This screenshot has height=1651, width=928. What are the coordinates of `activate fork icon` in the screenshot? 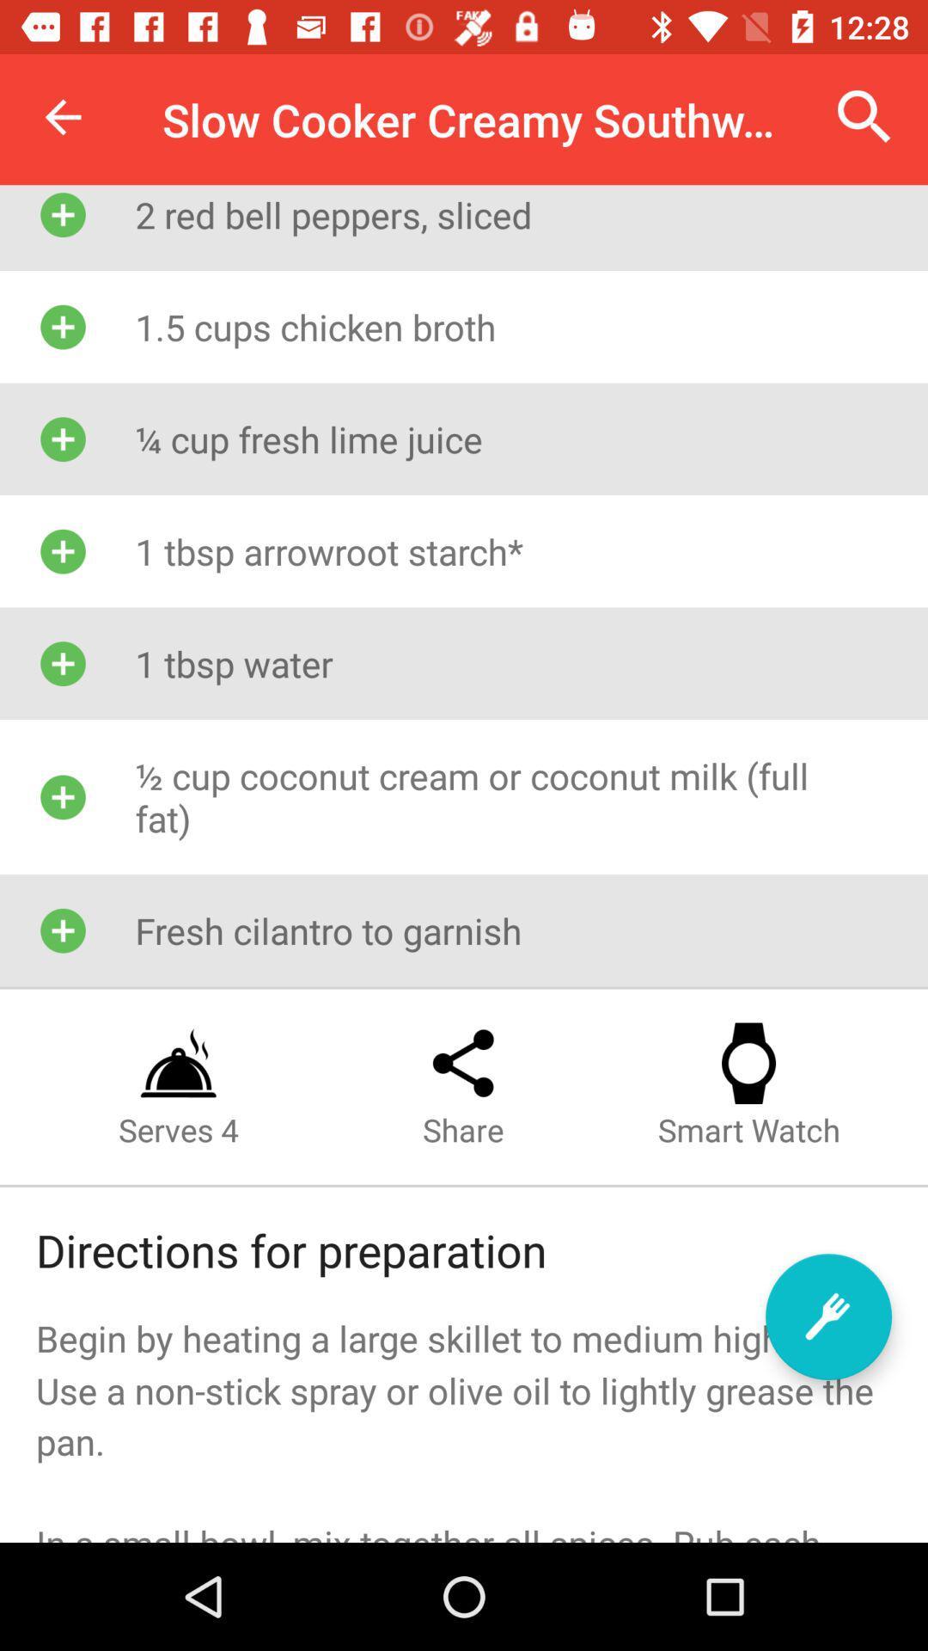 It's located at (827, 1316).